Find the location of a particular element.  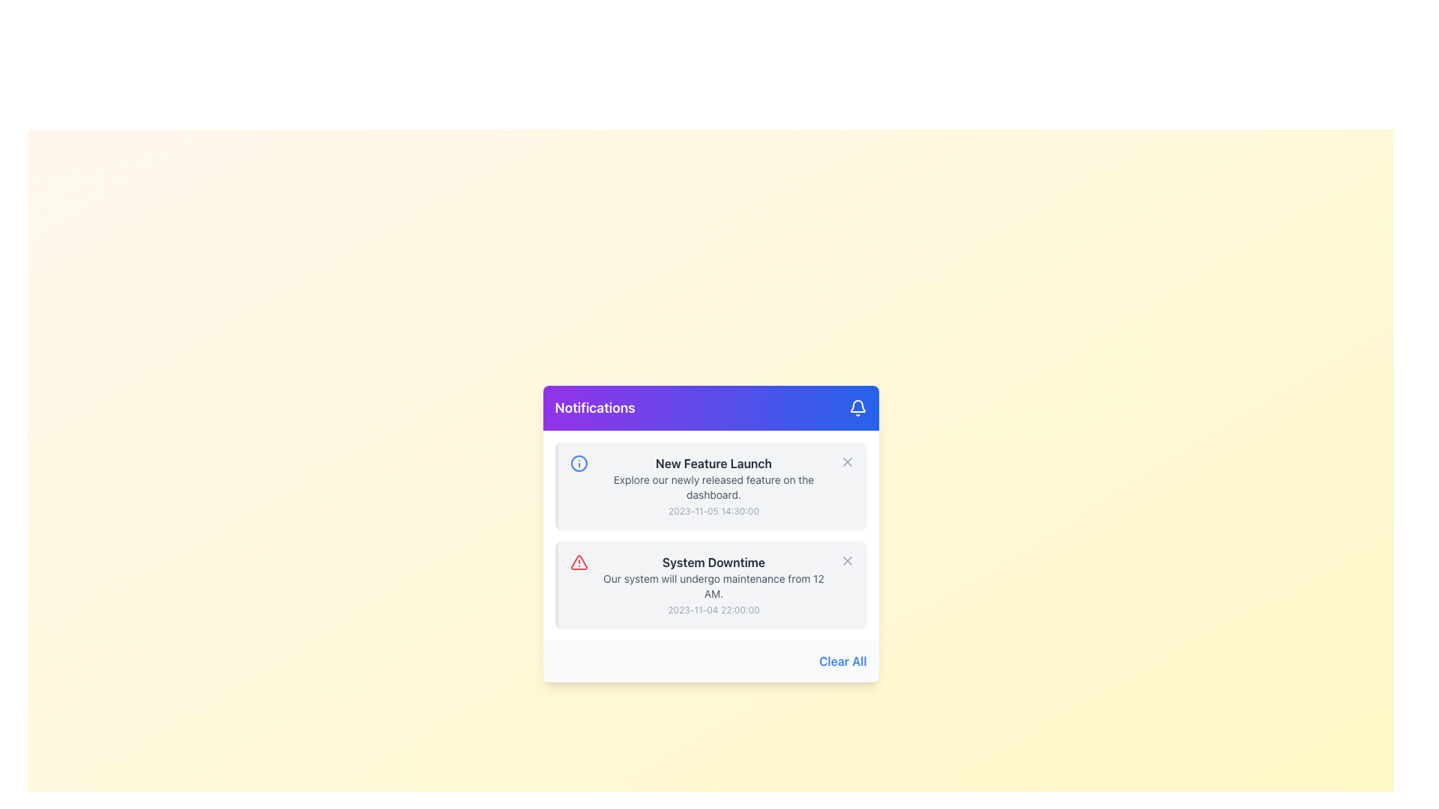

the Informational Alert Box titled 'System Downtime' with a light gray background and red left border, located below the 'New Feature Launch' alert in the notification panel is located at coordinates (710, 584).